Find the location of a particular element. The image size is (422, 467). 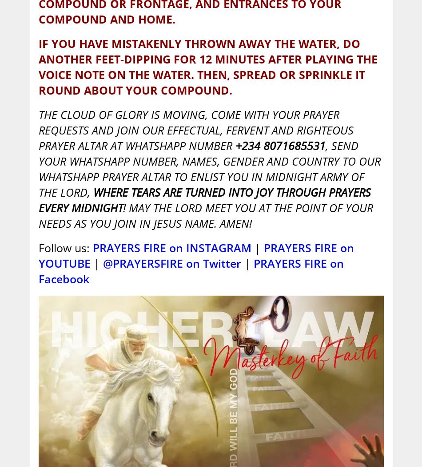

'@PRAYERSFIRE on Twitter' is located at coordinates (171, 263).